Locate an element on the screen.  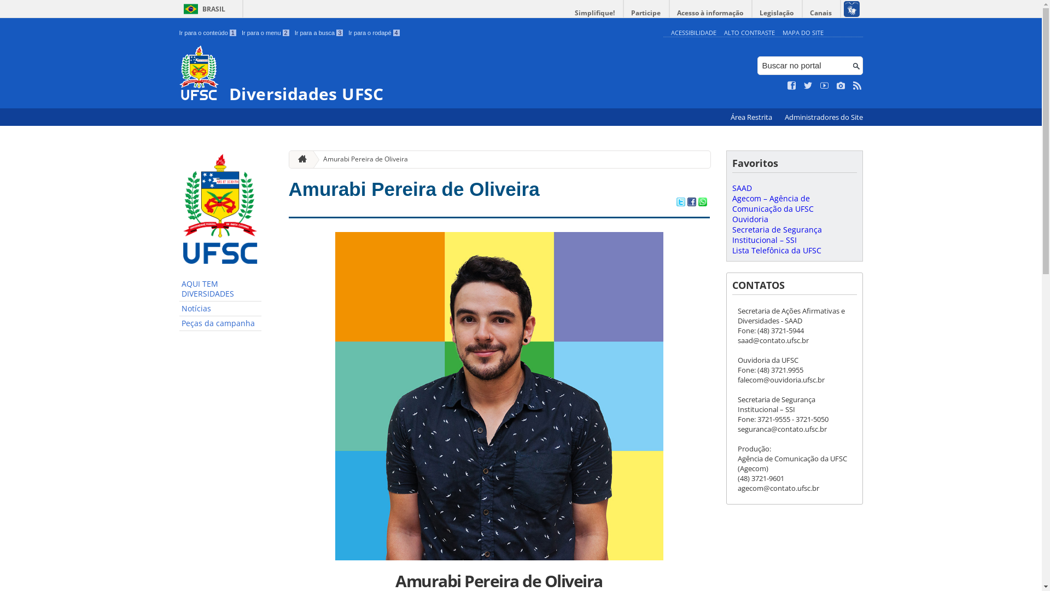
'Simplifique!' is located at coordinates (567, 13).